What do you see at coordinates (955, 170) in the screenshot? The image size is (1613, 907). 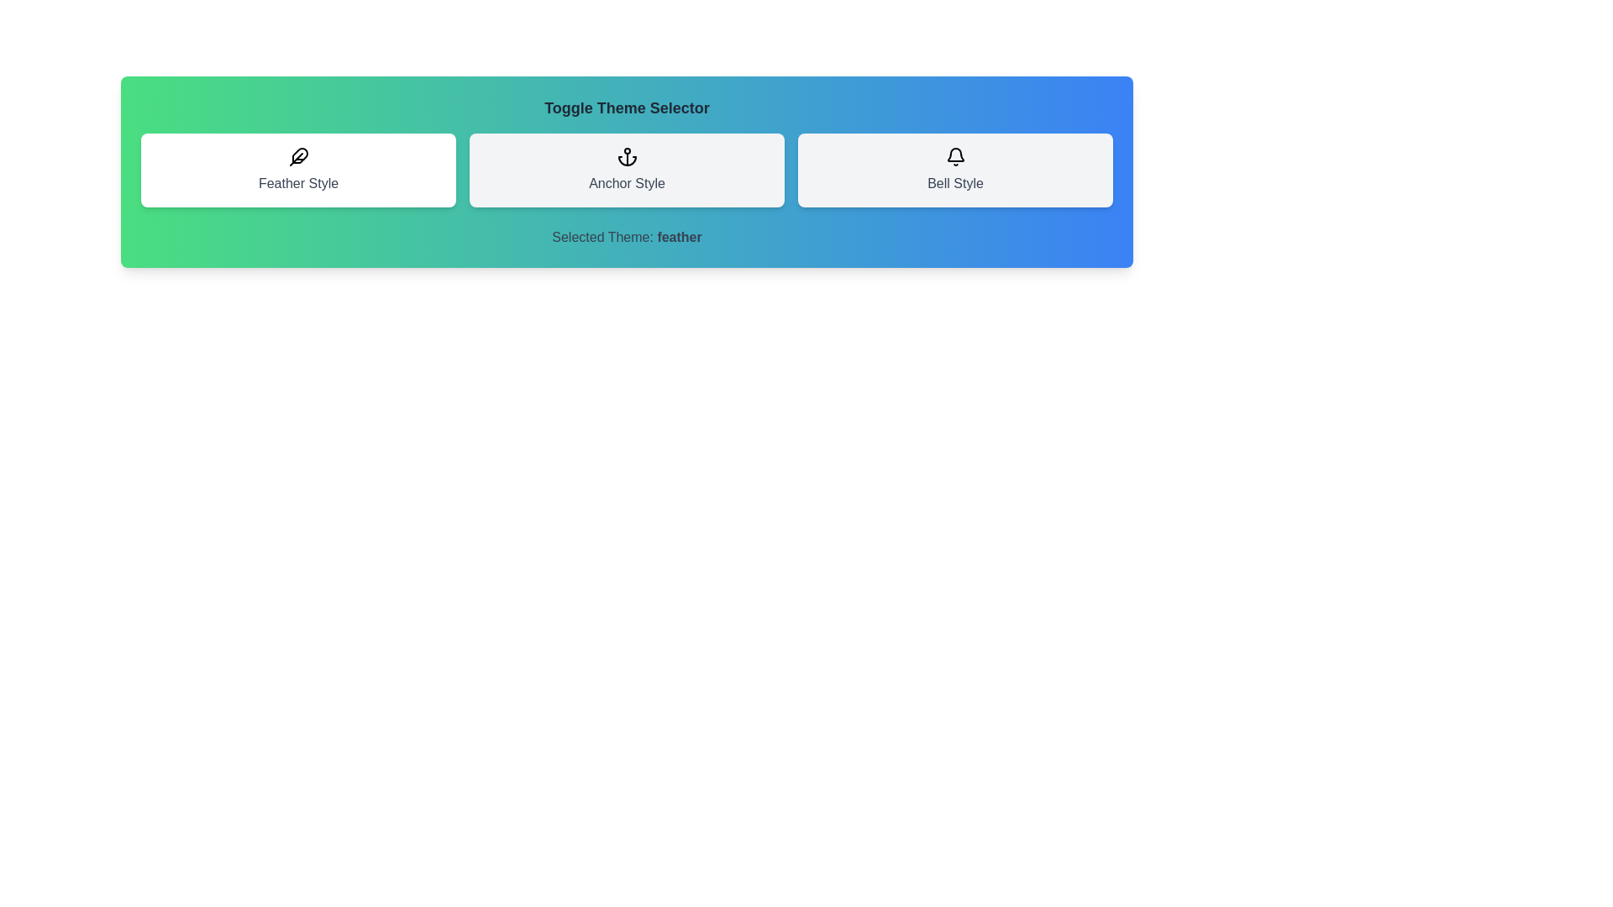 I see `the icon representing Bell Style` at bounding box center [955, 170].